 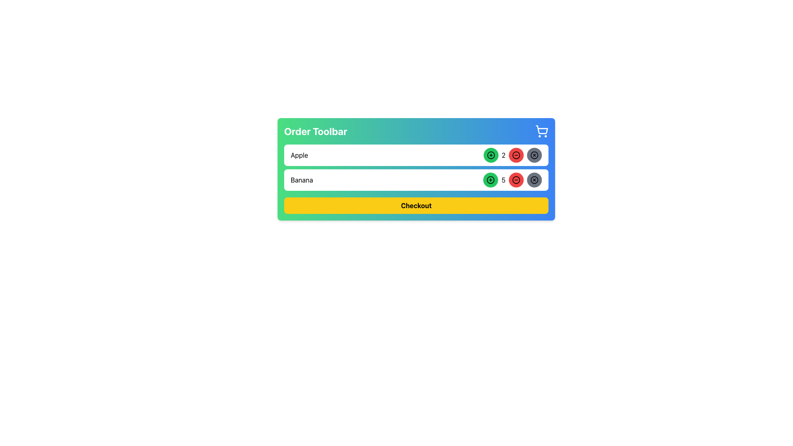 What do you see at coordinates (491, 179) in the screenshot?
I see `the circular region of the green '+' button that increases the count of the associated item, located adjacent to the '5' value in the second row of the list` at bounding box center [491, 179].